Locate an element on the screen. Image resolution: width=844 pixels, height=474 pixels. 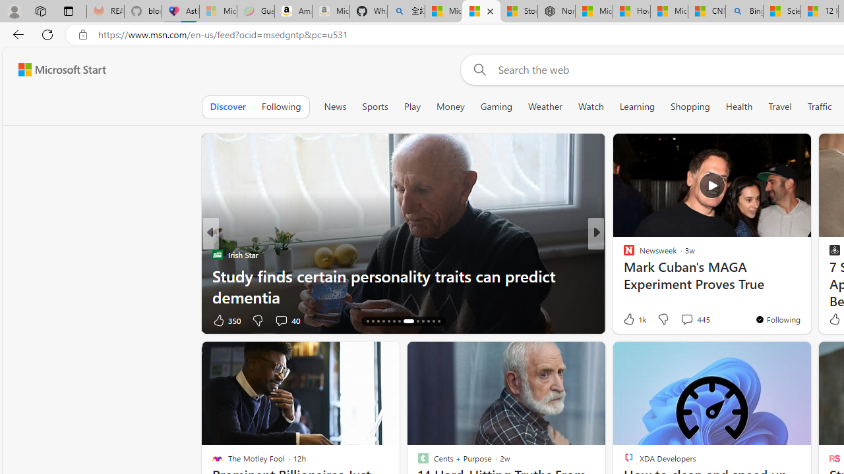
'View comments 40 Comment' is located at coordinates (286, 320).